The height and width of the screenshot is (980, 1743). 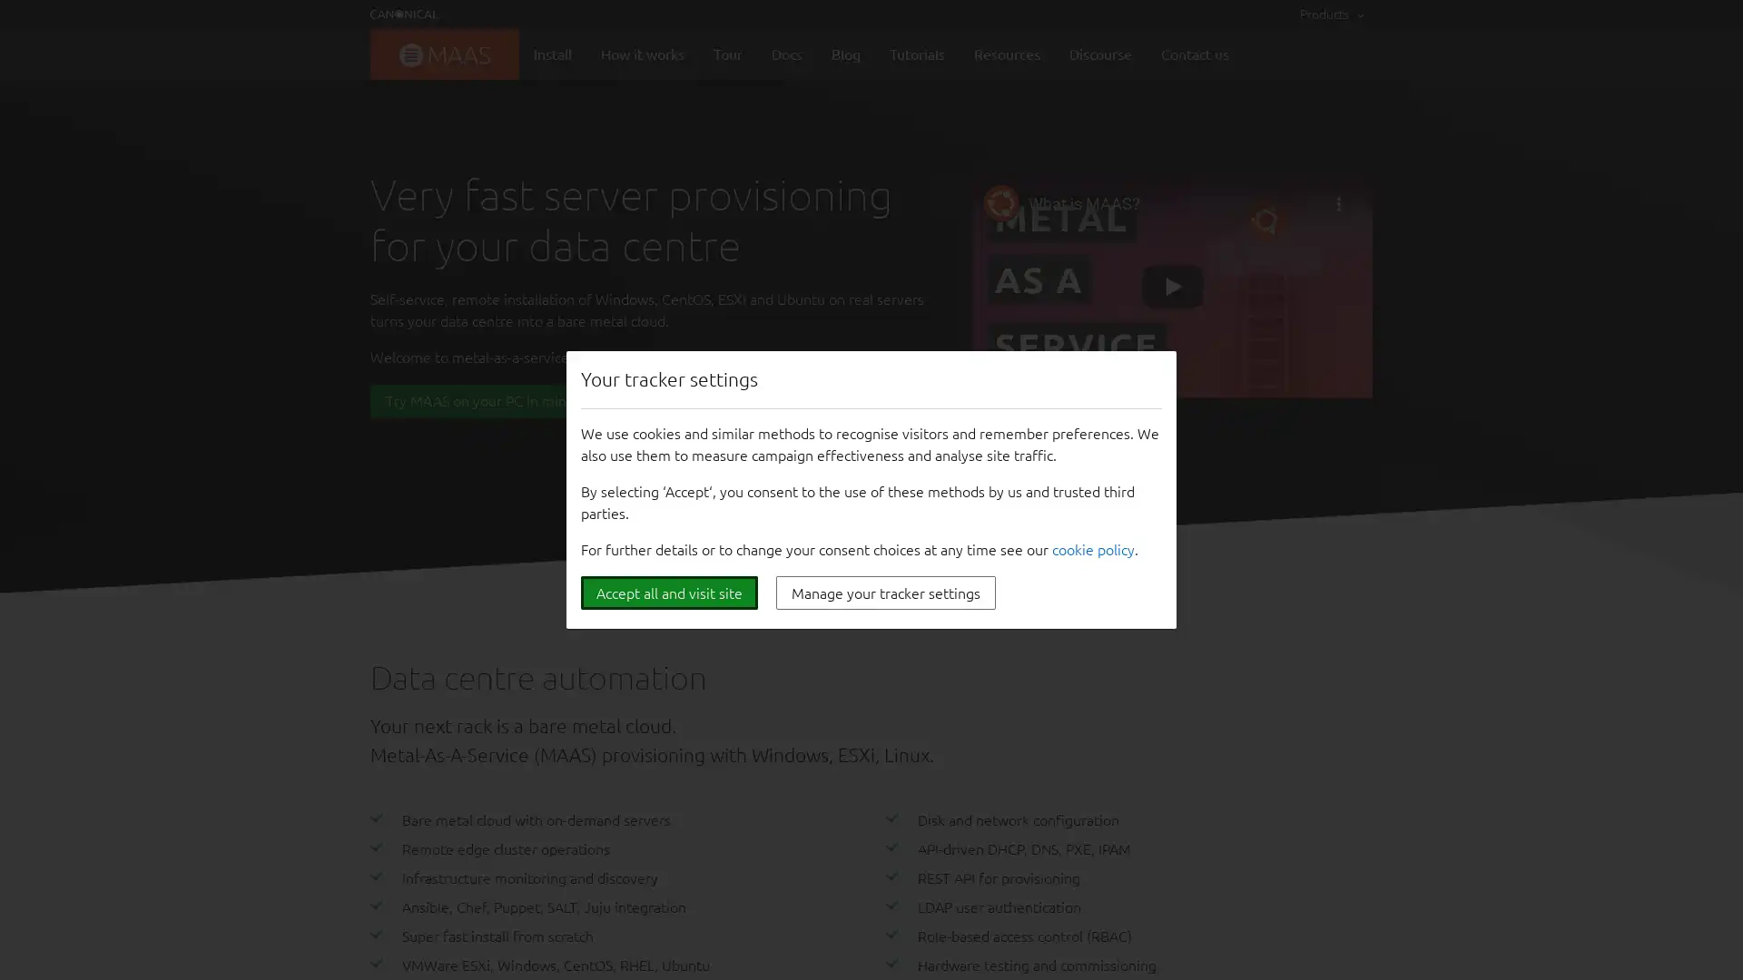 What do you see at coordinates (885, 593) in the screenshot?
I see `Manage your tracker settings` at bounding box center [885, 593].